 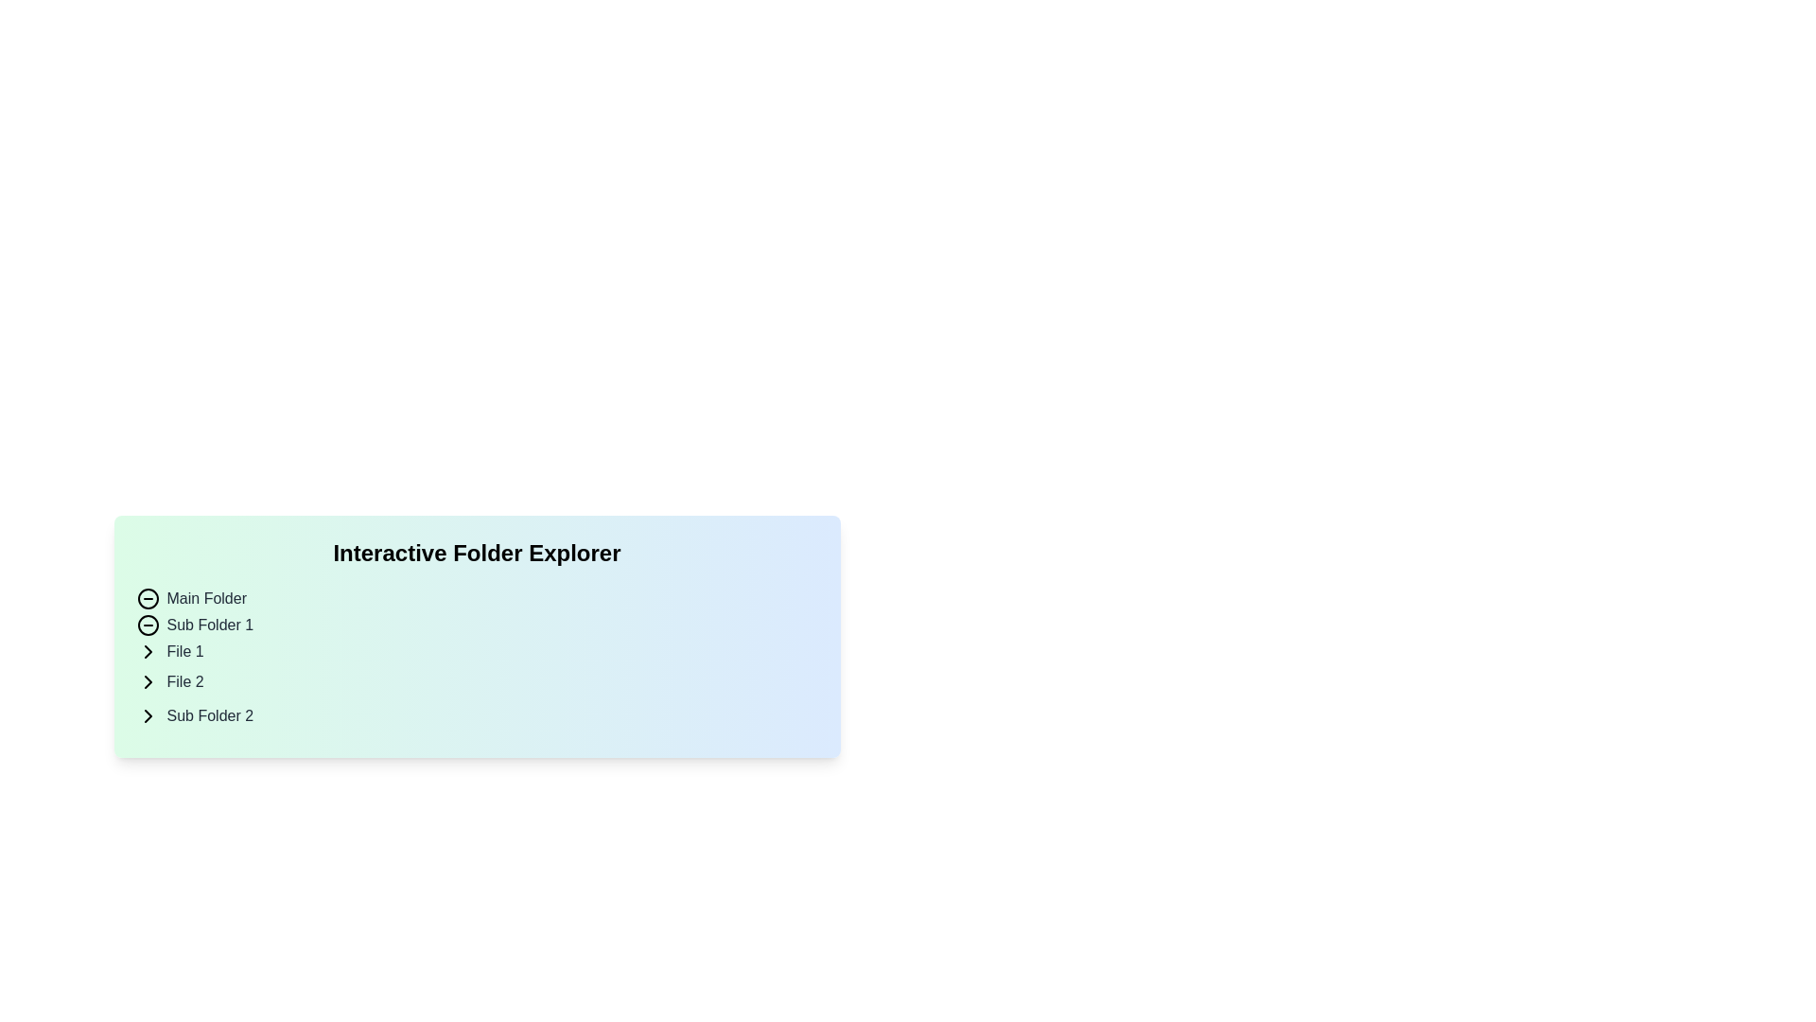 I want to click on the chevron icon located on the left side of the label 'File 2' to indicate interactivity, so click(x=147, y=682).